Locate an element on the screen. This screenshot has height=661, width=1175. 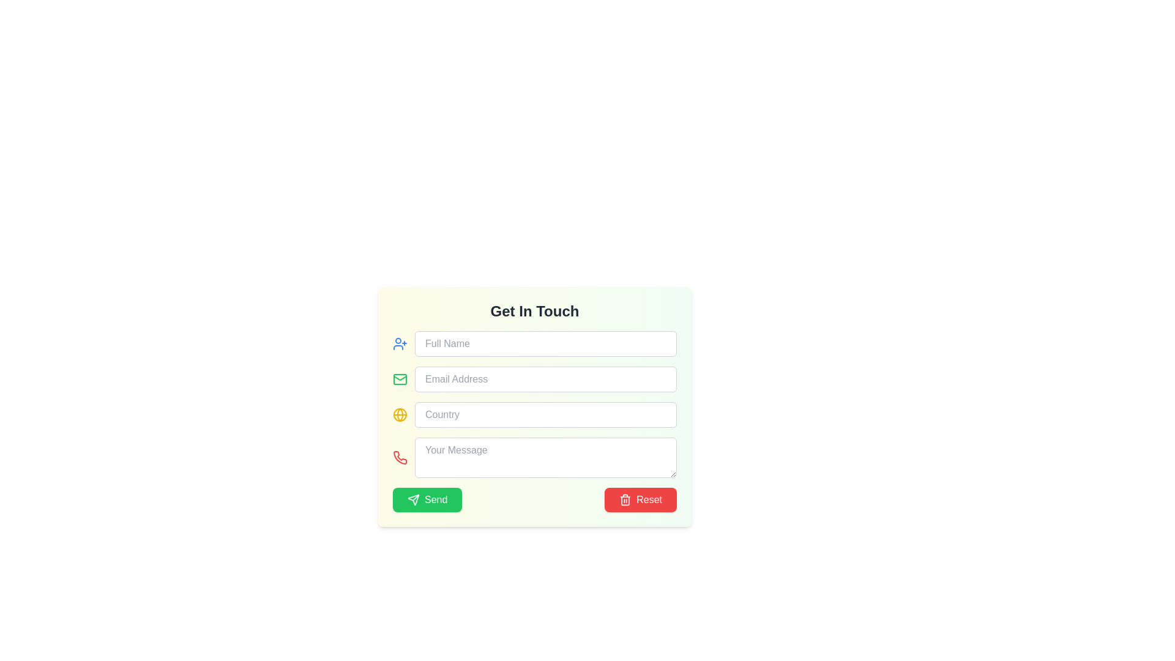
the icon that visually indicates the 'Send' action, located on the left side of the green 'Send' button near the bottom left of the form is located at coordinates (414, 500).